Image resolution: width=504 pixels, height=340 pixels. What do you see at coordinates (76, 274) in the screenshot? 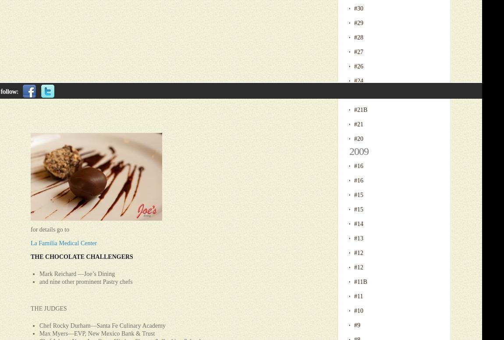
I see `'Mark Reichard —Joe’s Dining'` at bounding box center [76, 274].